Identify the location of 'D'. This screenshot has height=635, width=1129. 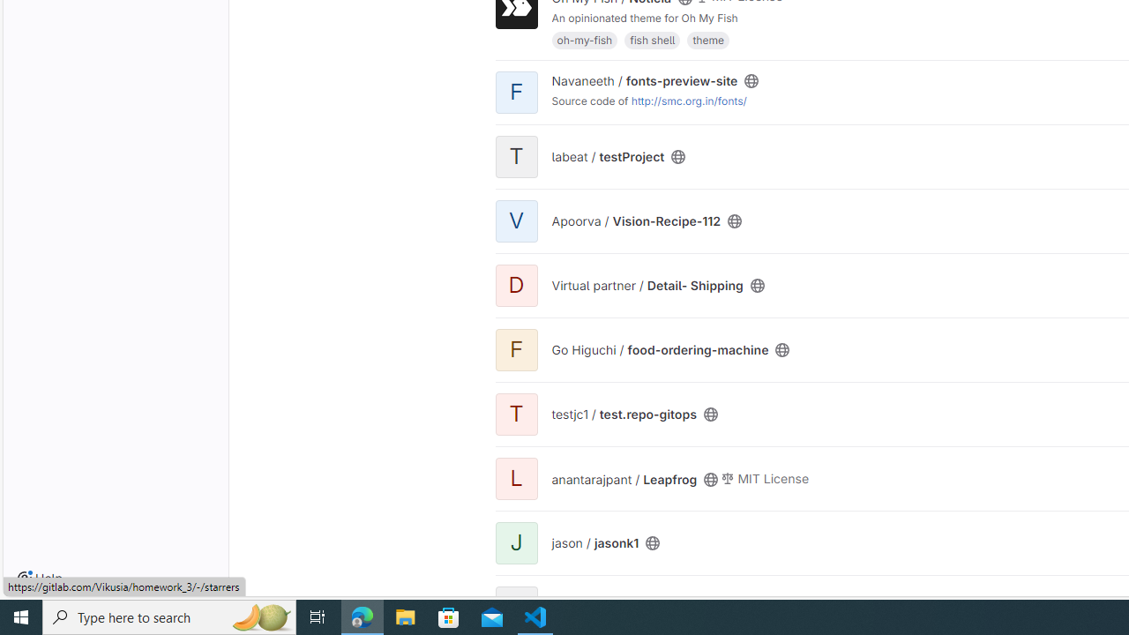
(515, 284).